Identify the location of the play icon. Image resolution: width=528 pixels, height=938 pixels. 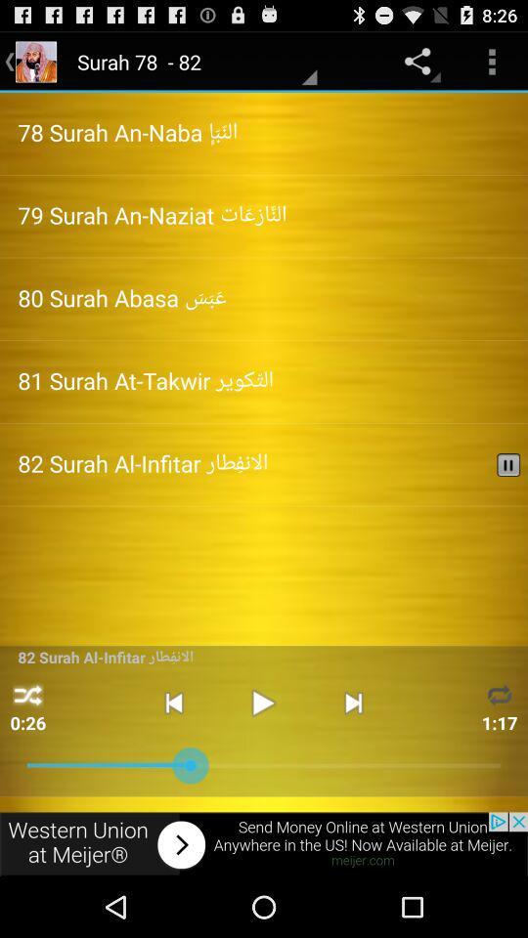
(263, 750).